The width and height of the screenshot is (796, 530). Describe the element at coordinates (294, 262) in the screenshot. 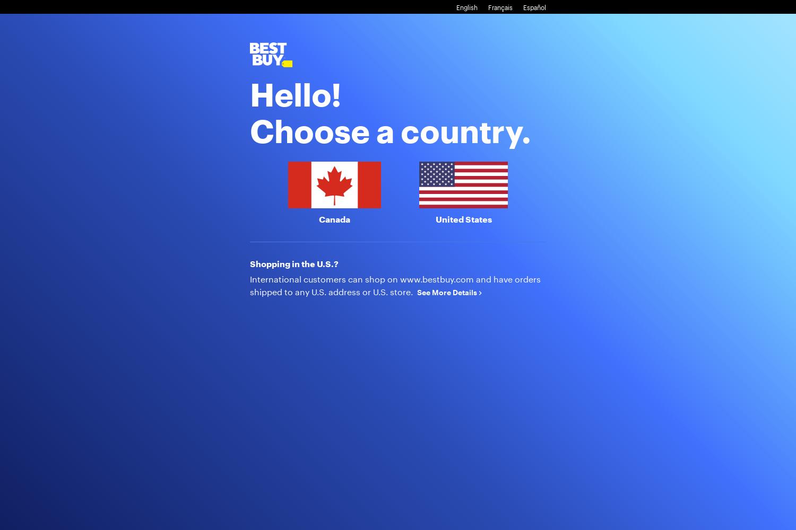

I see `'Shopping in the U.S.?'` at that location.